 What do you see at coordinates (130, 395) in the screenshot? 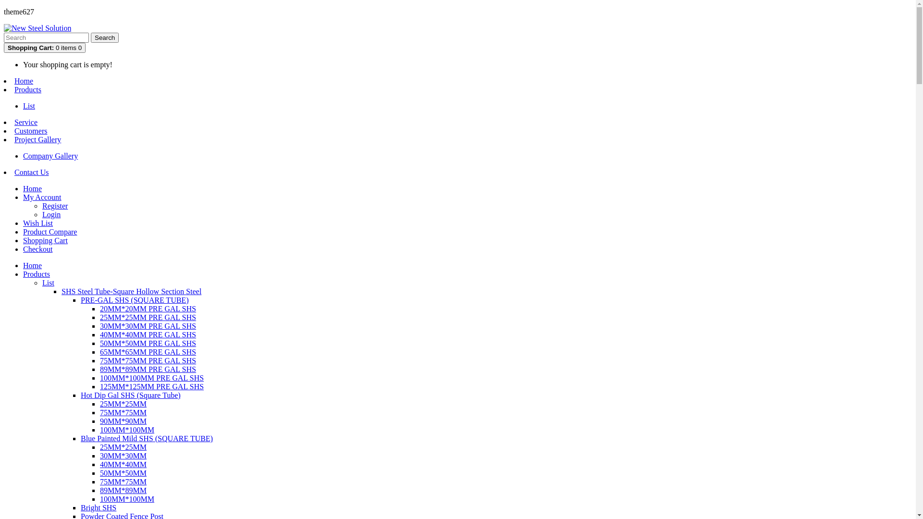
I see `'Hot Dip Gal SHS (Square Tube)'` at bounding box center [130, 395].